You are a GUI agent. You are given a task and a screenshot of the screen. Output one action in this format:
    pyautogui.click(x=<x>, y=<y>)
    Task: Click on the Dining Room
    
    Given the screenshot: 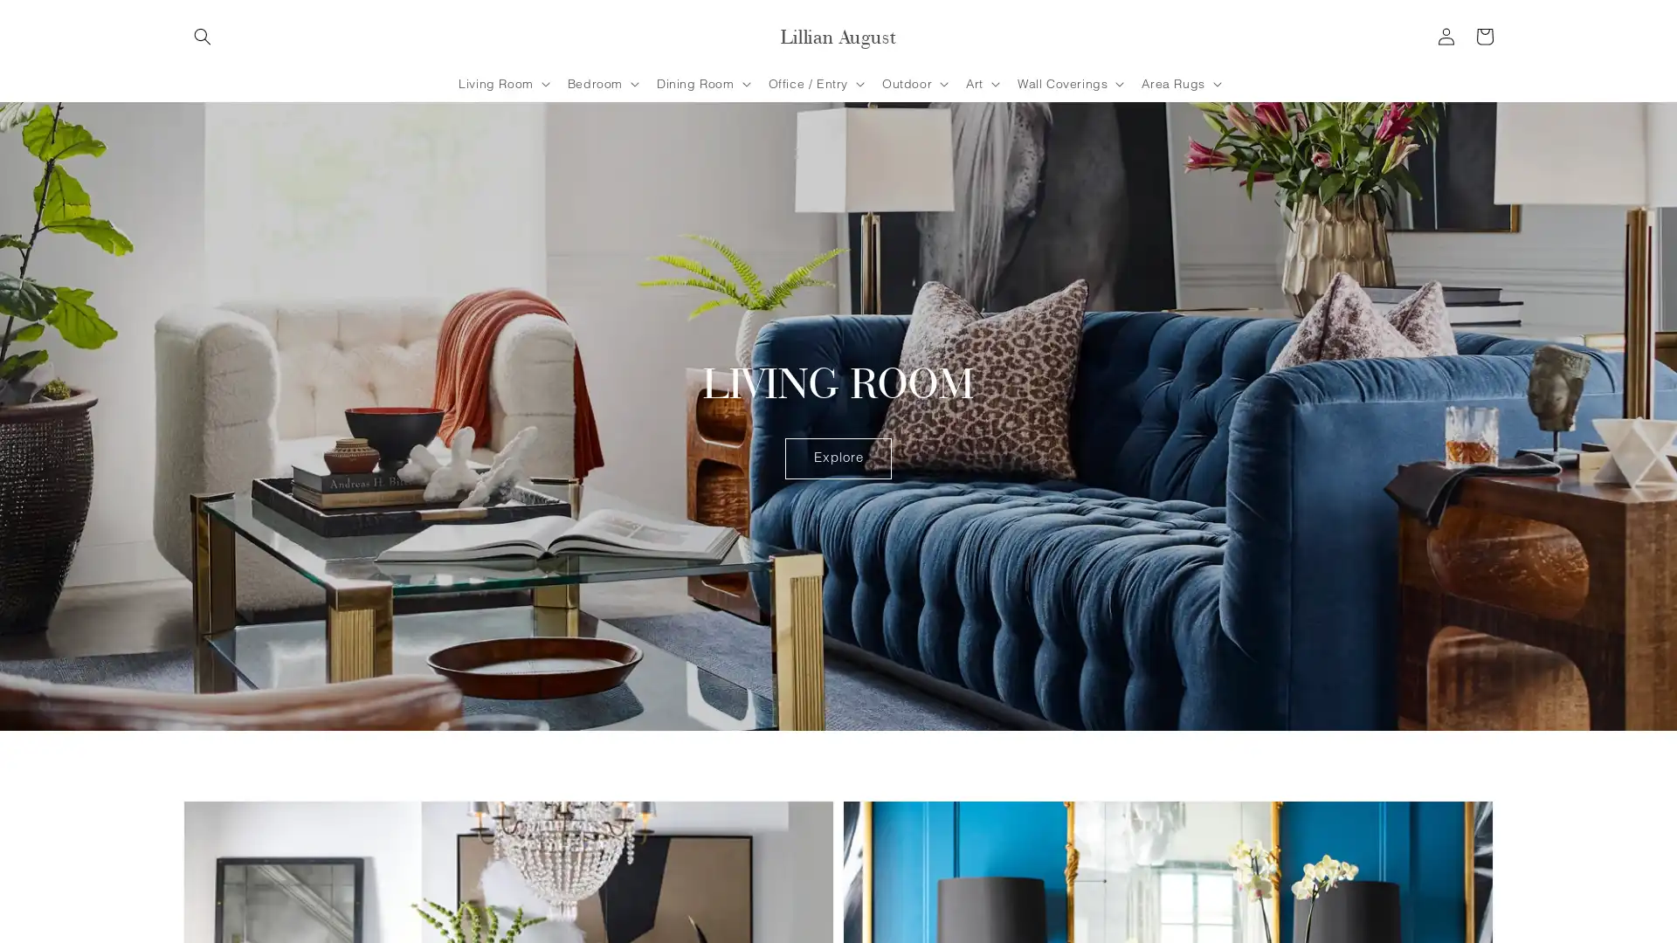 What is the action you would take?
    pyautogui.click(x=700, y=83)
    